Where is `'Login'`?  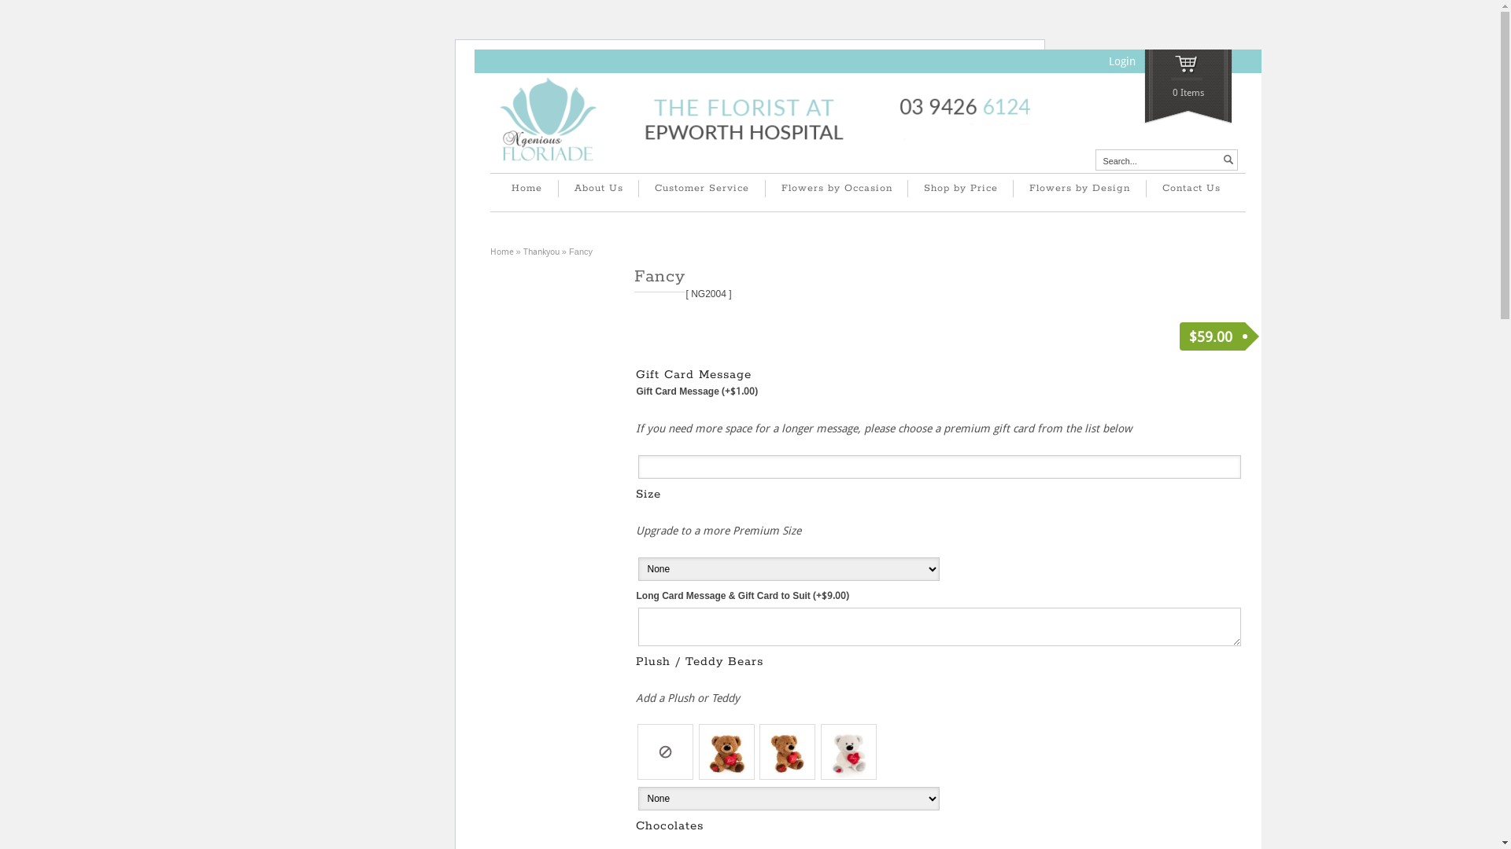
'Login' is located at coordinates (1121, 60).